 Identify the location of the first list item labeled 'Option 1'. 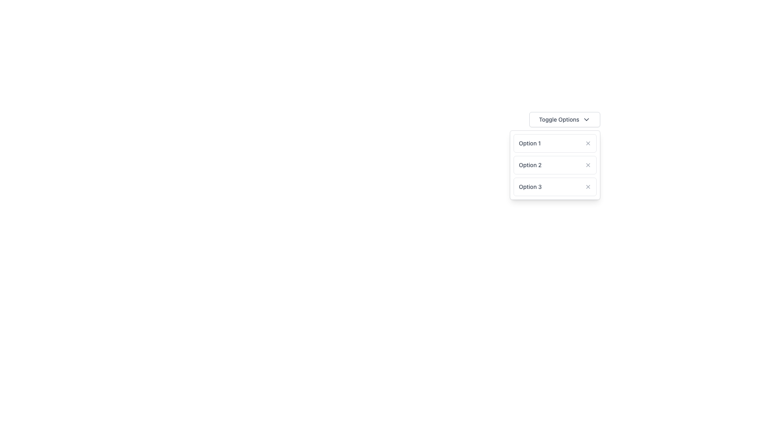
(555, 143).